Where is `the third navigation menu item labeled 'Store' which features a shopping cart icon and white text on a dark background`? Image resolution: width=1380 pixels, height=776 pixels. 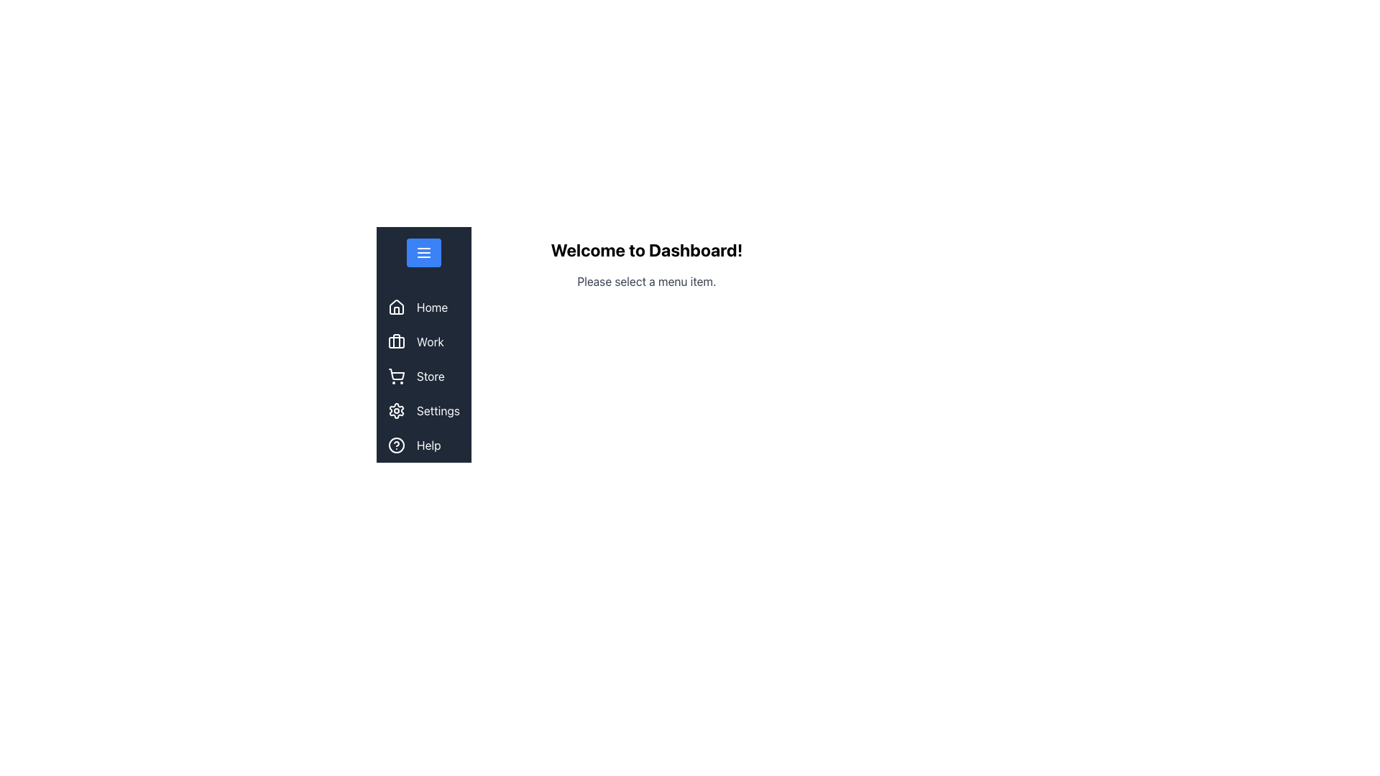 the third navigation menu item labeled 'Store' which features a shopping cart icon and white text on a dark background is located at coordinates (423, 376).